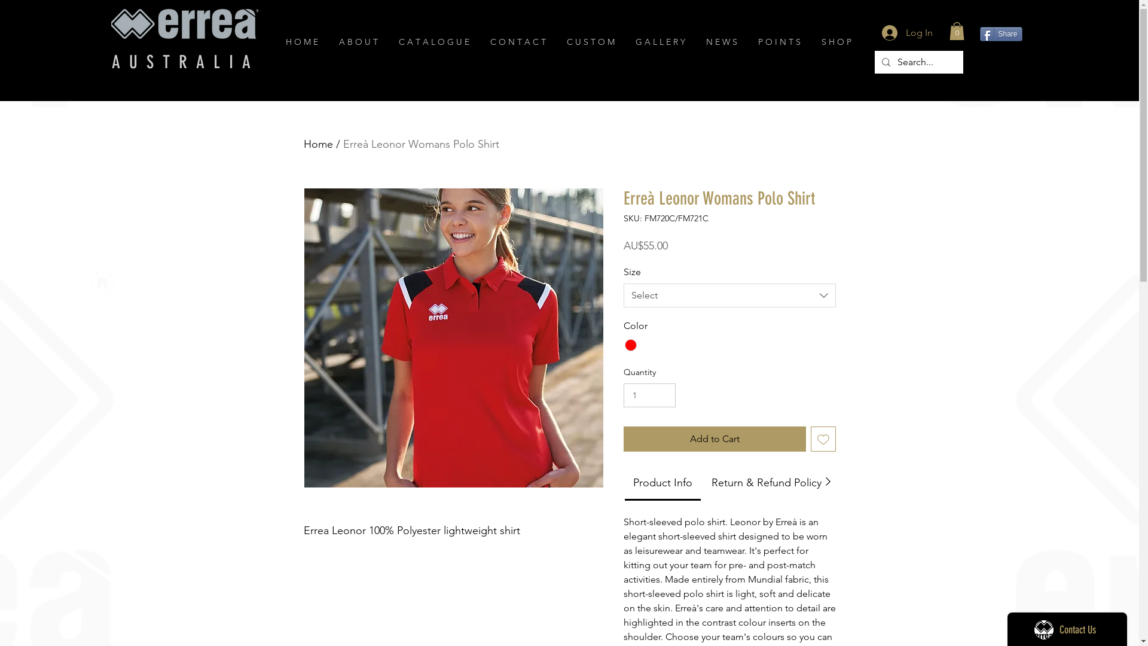 The image size is (1148, 646). Describe the element at coordinates (303, 41) in the screenshot. I see `'H O M E'` at that location.